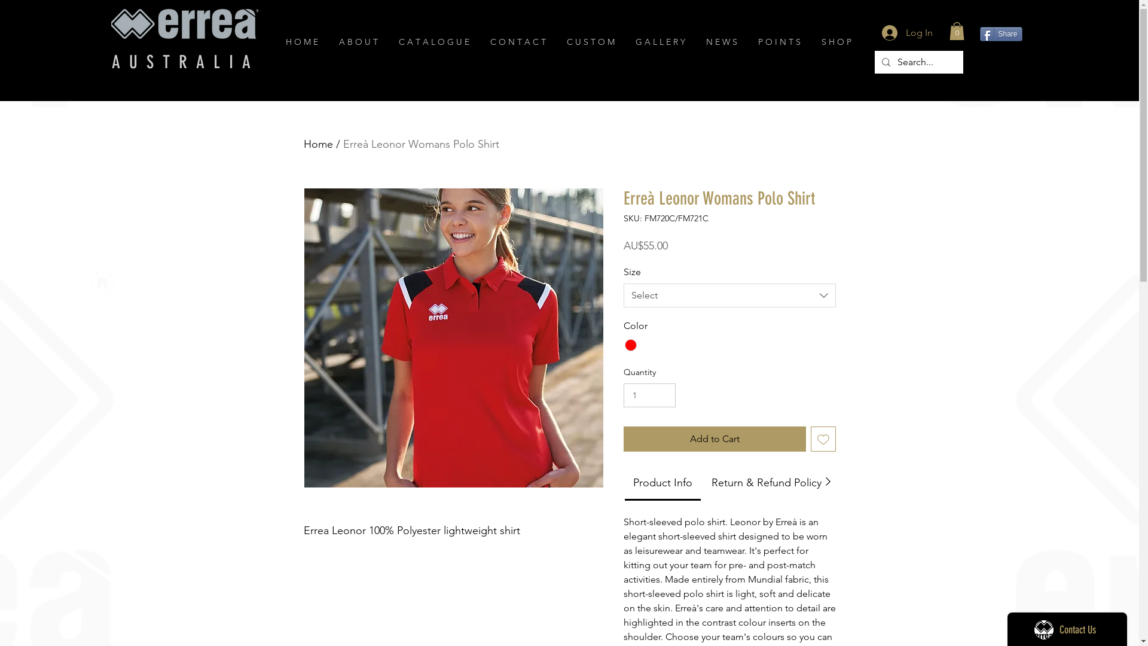 The image size is (1148, 646). Describe the element at coordinates (303, 41) in the screenshot. I see `'H O M E'` at that location.